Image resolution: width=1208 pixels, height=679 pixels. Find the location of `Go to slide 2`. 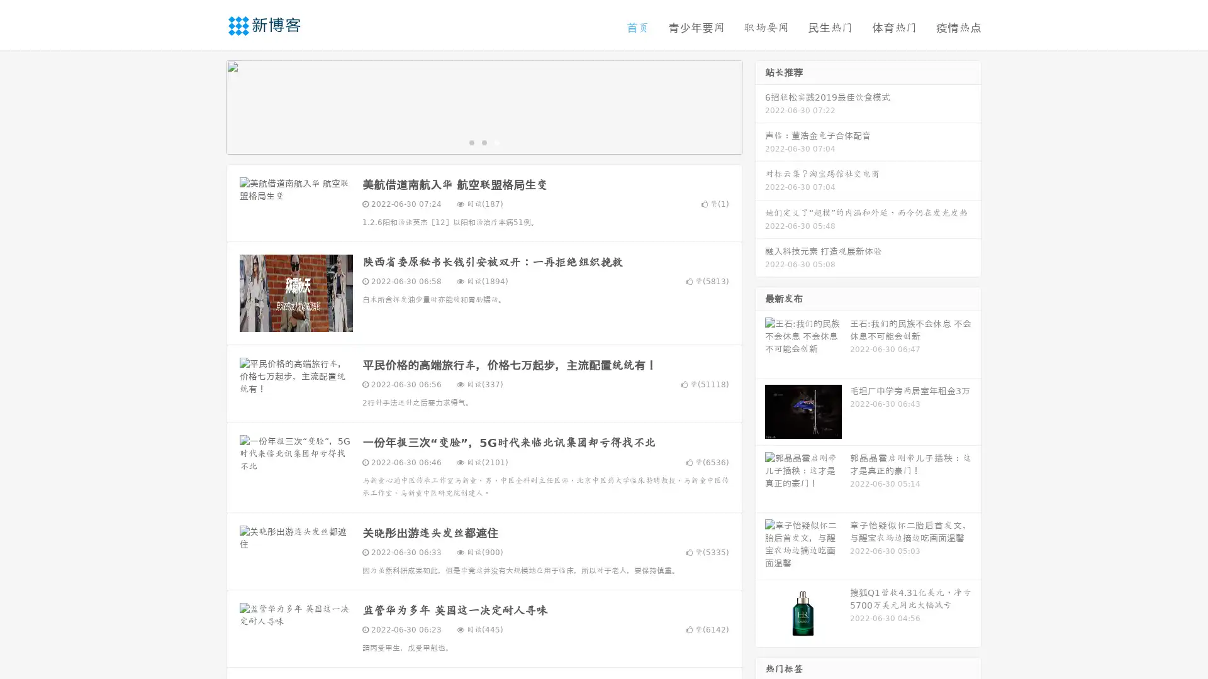

Go to slide 2 is located at coordinates (483, 141).